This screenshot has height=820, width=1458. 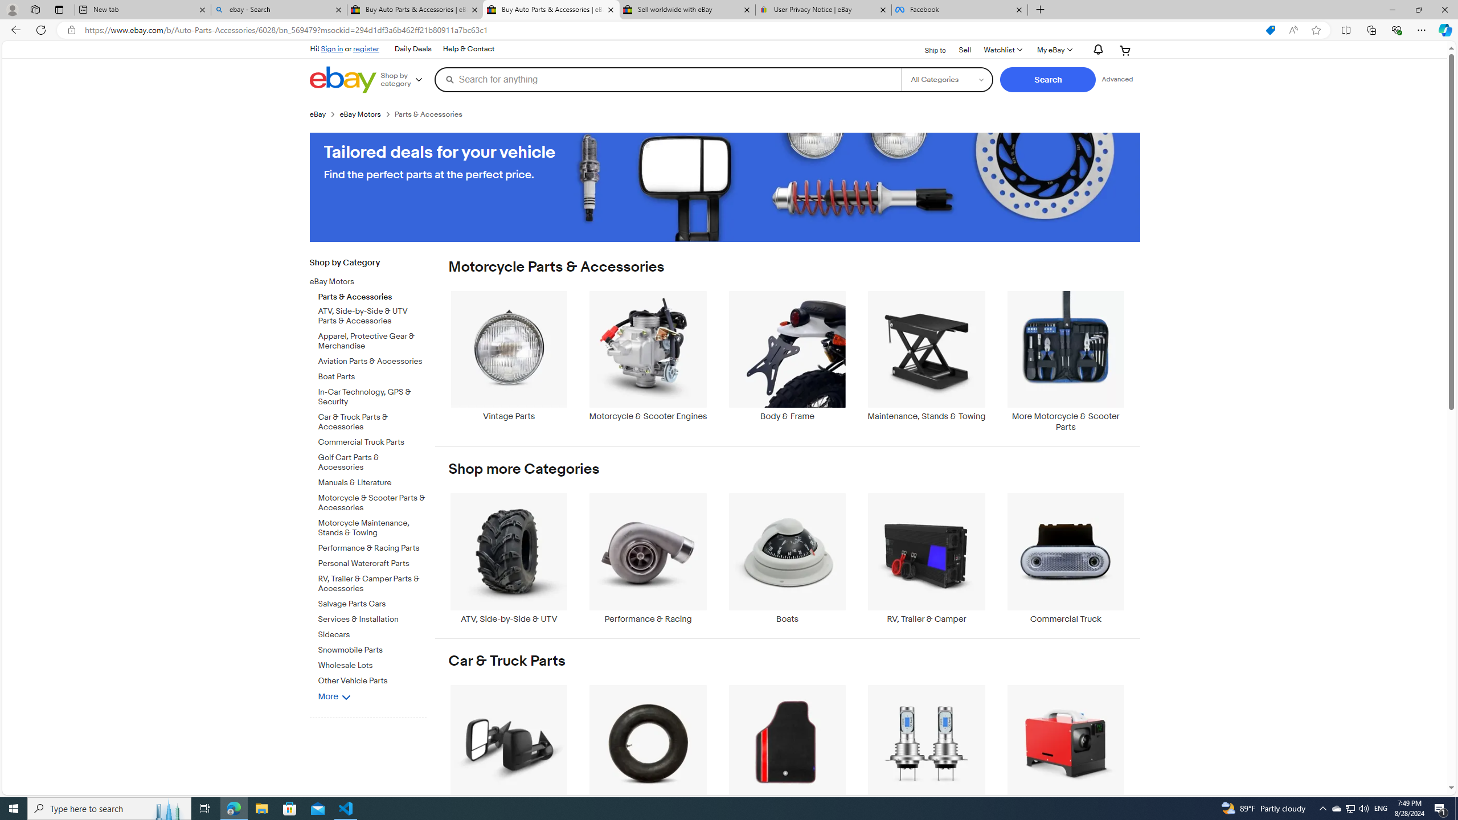 I want to click on 'Body & Frame', so click(x=787, y=362).